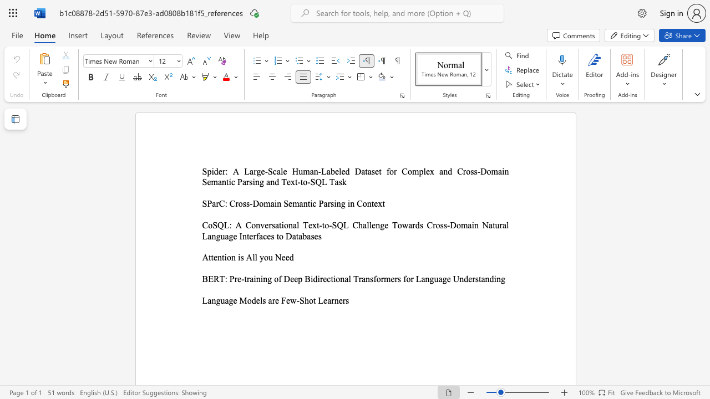  What do you see at coordinates (329, 203) in the screenshot?
I see `the subset text "sing i" within the text "SParC: Cross-Domain Semantic Parsing in Context"` at bounding box center [329, 203].